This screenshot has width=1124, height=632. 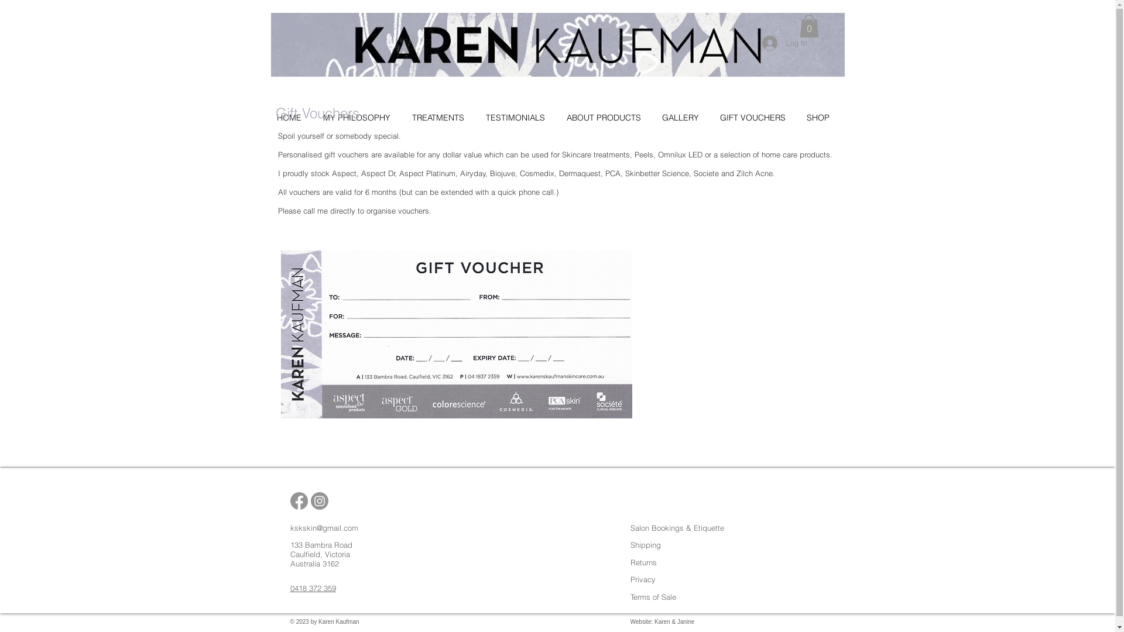 What do you see at coordinates (753, 42) in the screenshot?
I see `'Log In'` at bounding box center [753, 42].